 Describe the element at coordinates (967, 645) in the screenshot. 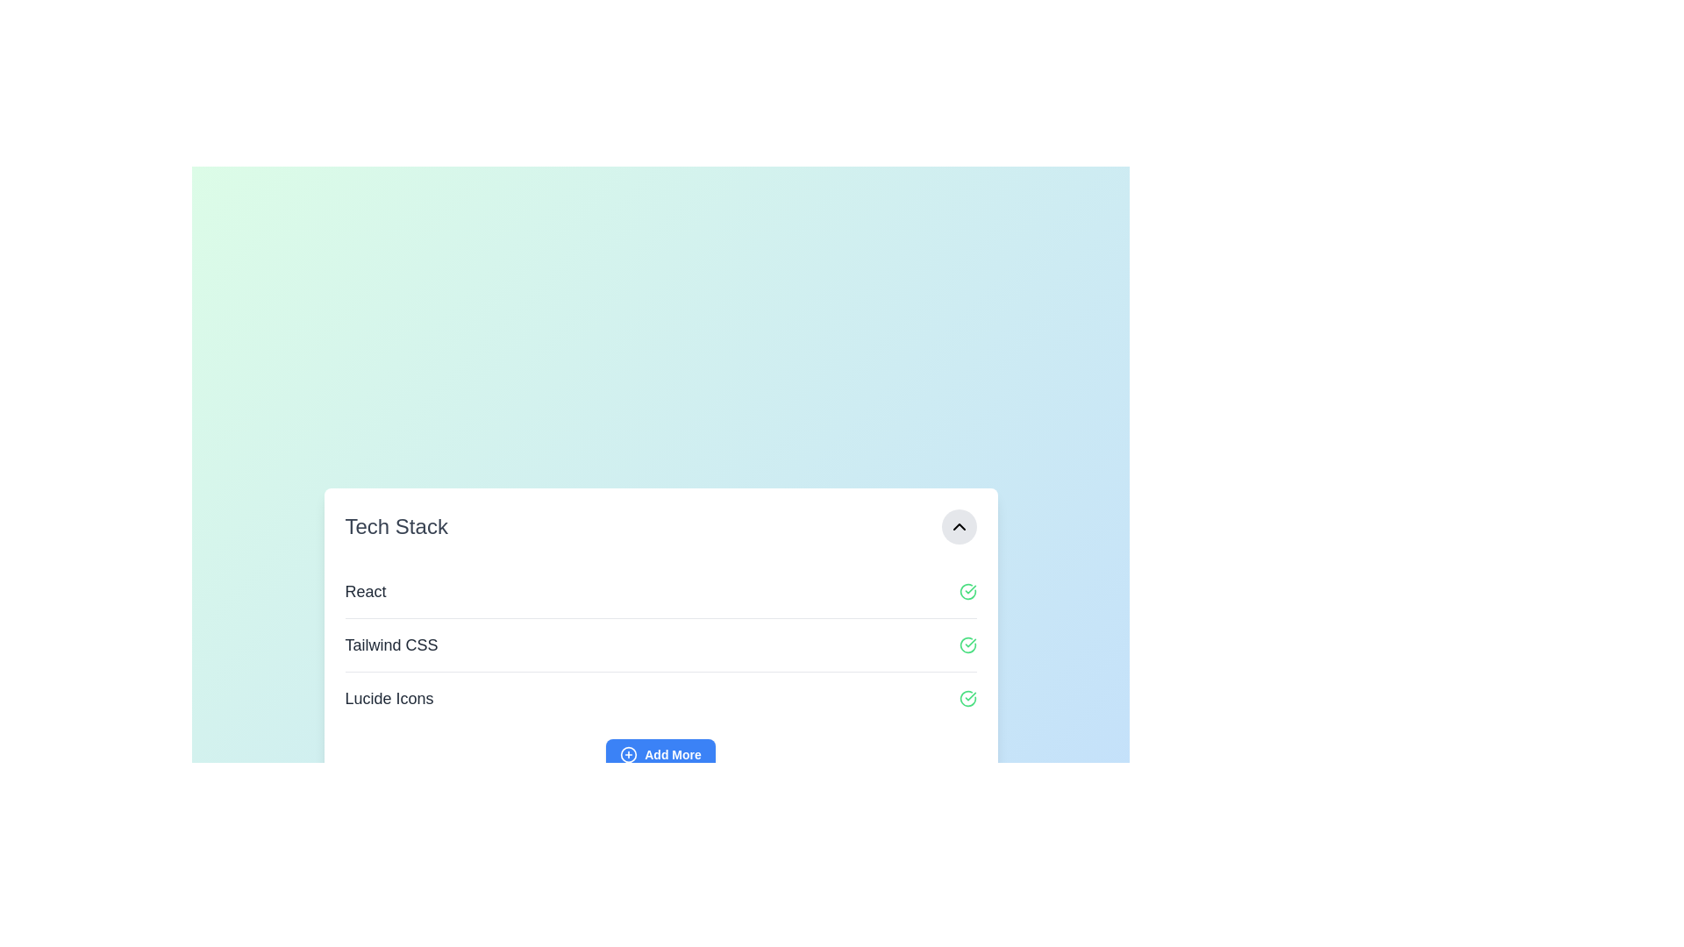

I see `the circular icon with a green border and a check mark inside, located to the right of the 'Tailwind CSS' label` at that location.